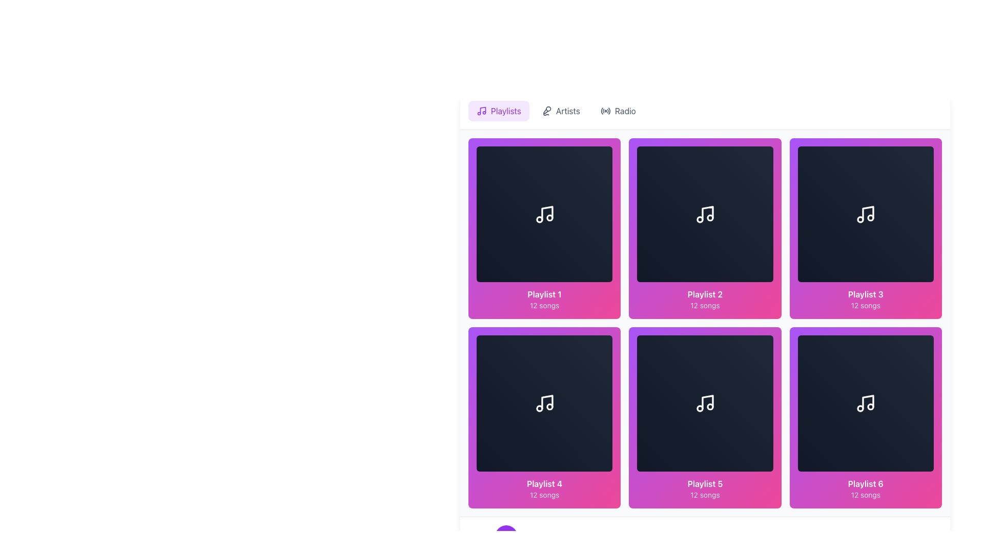 This screenshot has width=984, height=553. I want to click on the text label that serves as a navigation option related to artists, located between 'Playlists' and 'Radio', so click(567, 111).